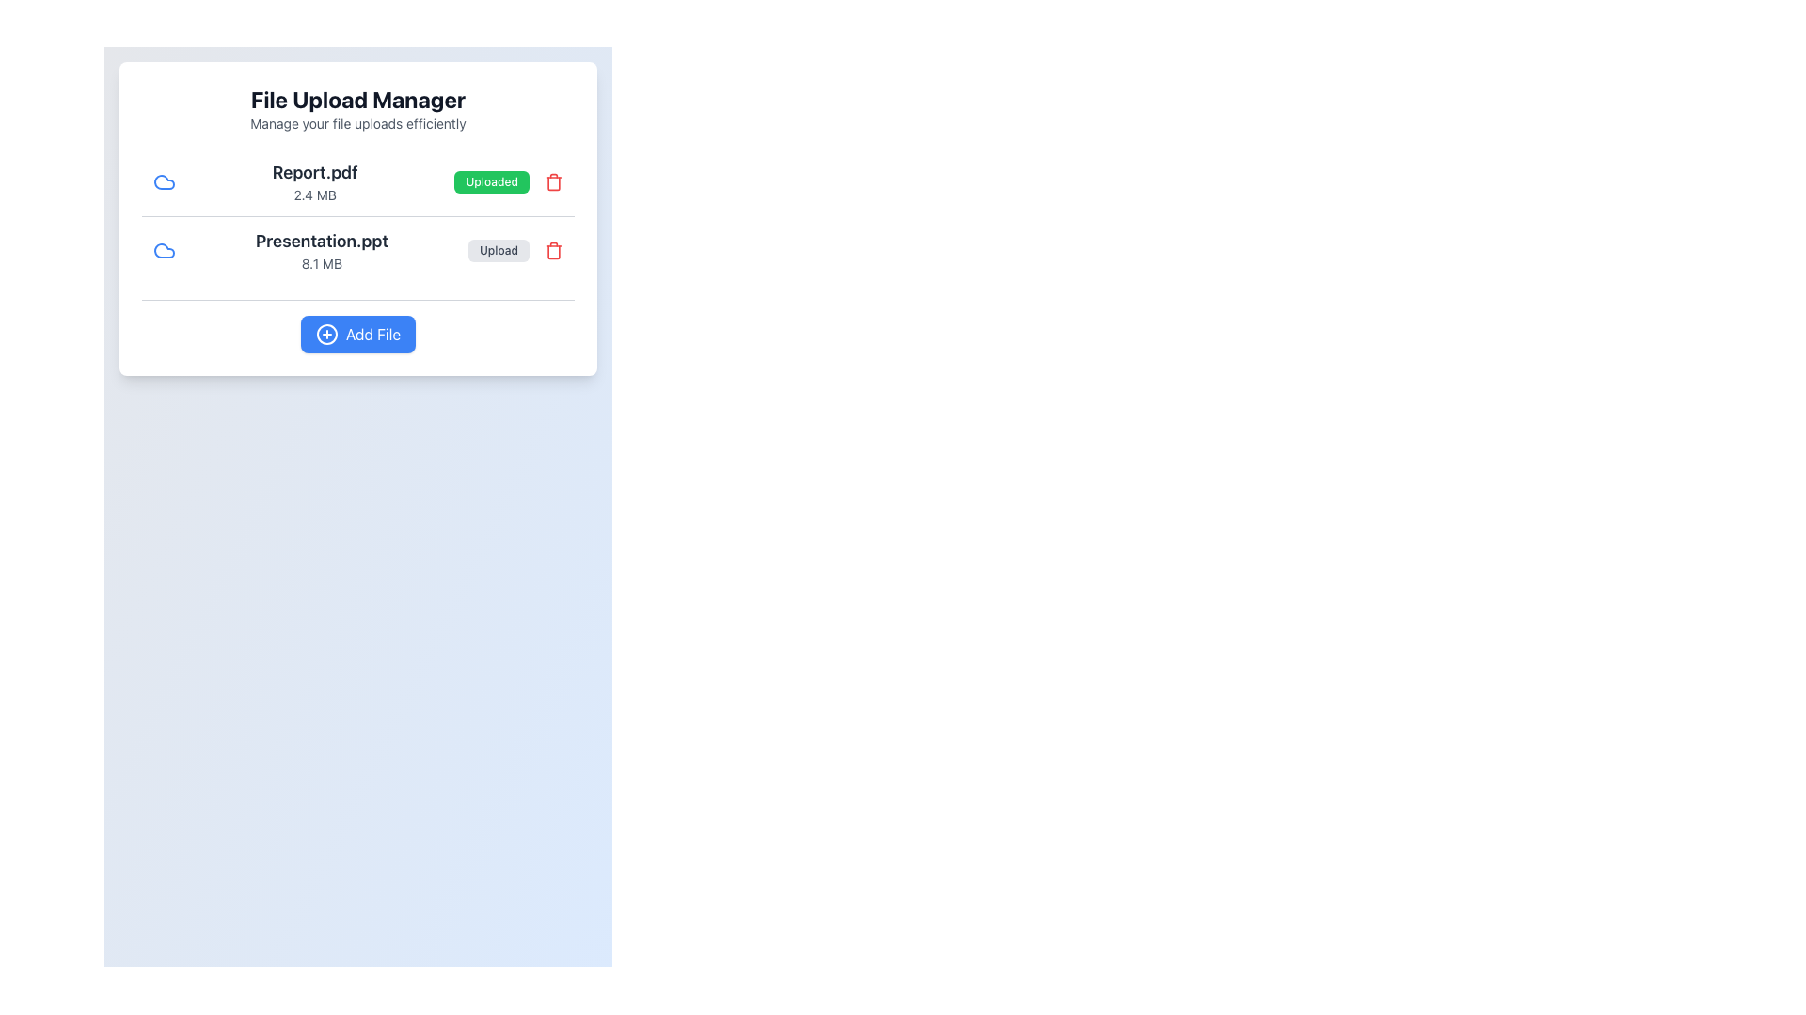 The image size is (1806, 1015). What do you see at coordinates (499, 249) in the screenshot?
I see `the 'Upload' button, which is a compact, rounded rectangular button with a light grey background located to the far right of the row displaying the file 'Presentation.ppt'` at bounding box center [499, 249].